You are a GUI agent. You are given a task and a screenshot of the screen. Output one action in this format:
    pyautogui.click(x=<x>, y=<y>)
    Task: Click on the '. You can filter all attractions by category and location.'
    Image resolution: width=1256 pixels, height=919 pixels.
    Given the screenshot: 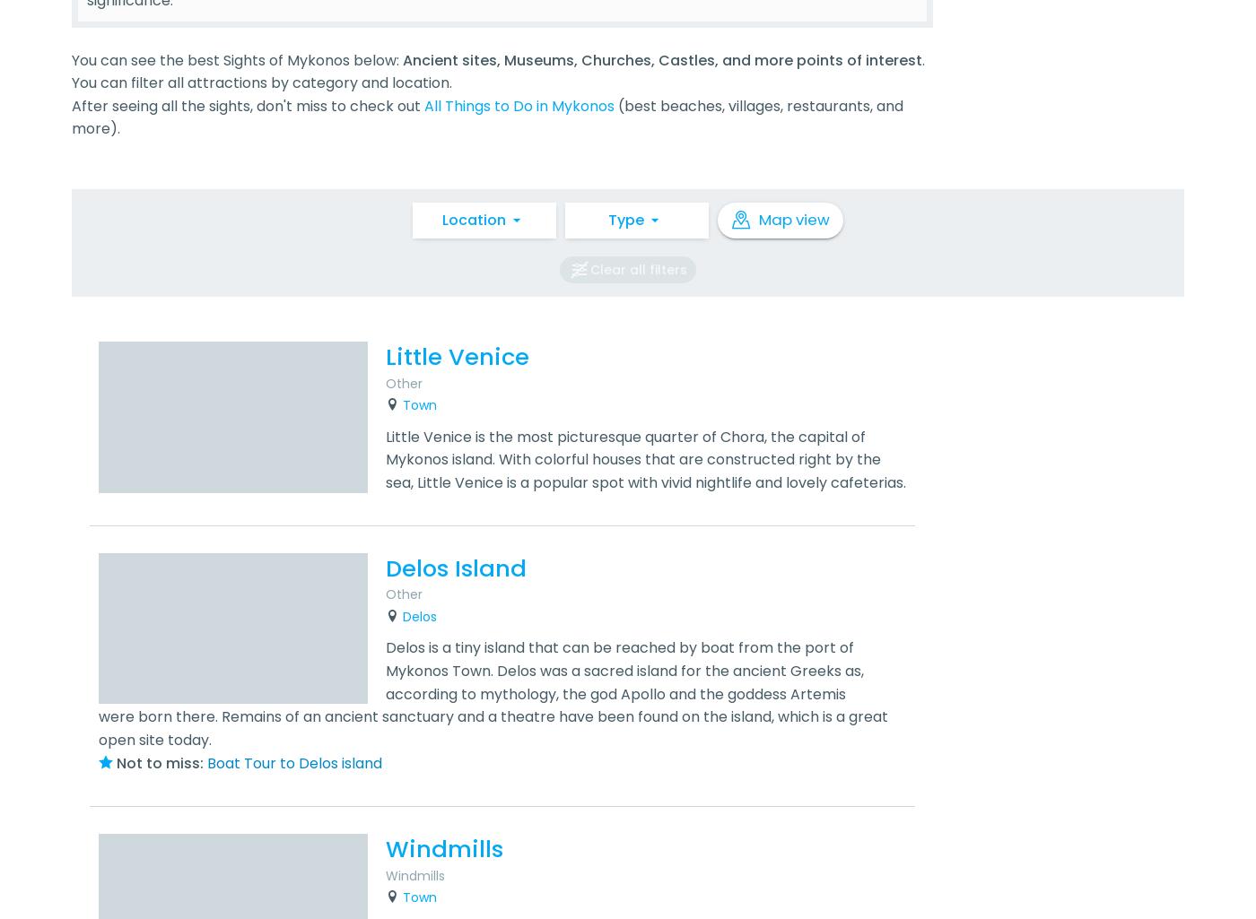 What is the action you would take?
    pyautogui.click(x=498, y=70)
    